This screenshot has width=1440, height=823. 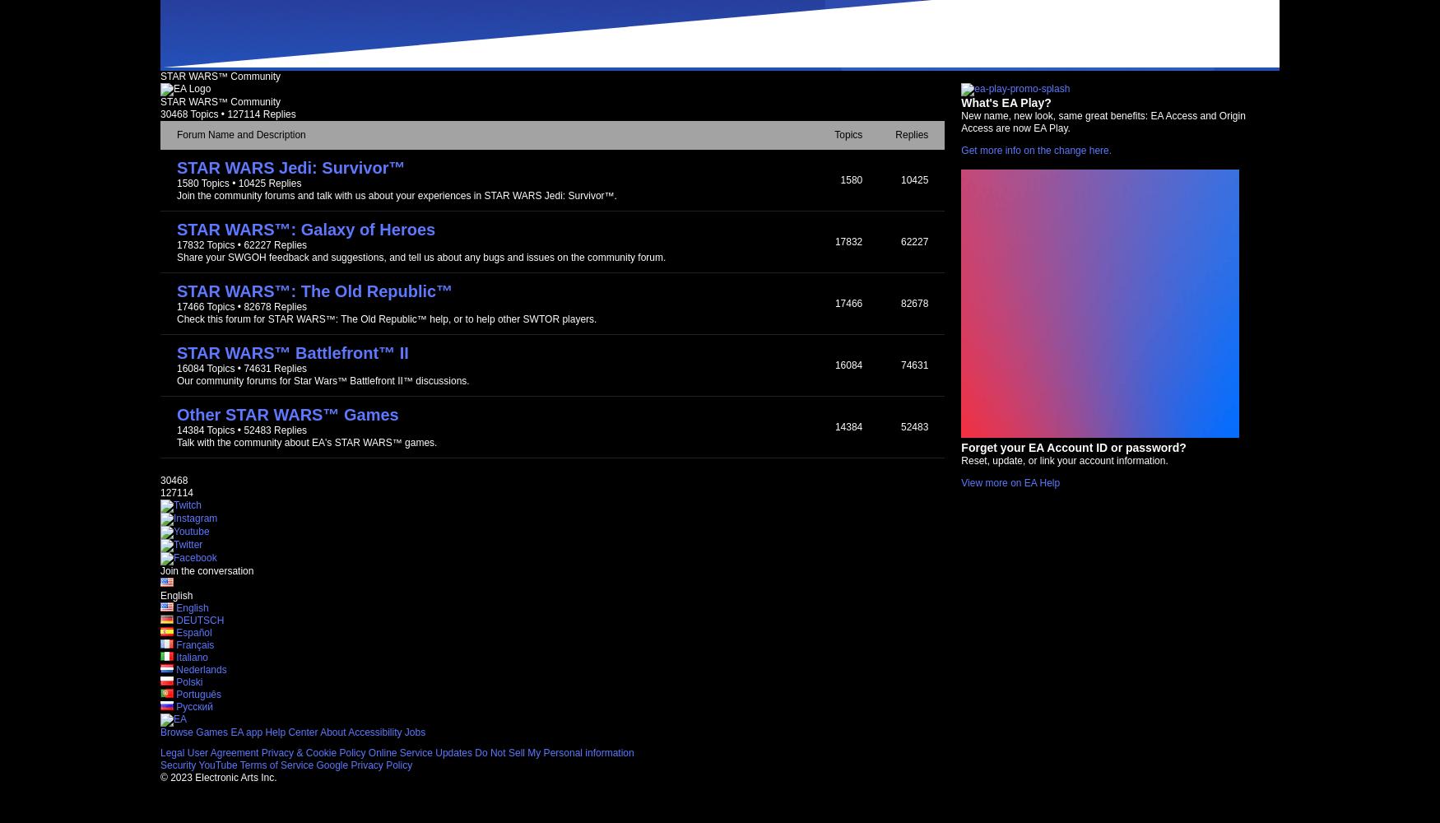 What do you see at coordinates (959, 151) in the screenshot?
I see `'Get more info on the change here.'` at bounding box center [959, 151].